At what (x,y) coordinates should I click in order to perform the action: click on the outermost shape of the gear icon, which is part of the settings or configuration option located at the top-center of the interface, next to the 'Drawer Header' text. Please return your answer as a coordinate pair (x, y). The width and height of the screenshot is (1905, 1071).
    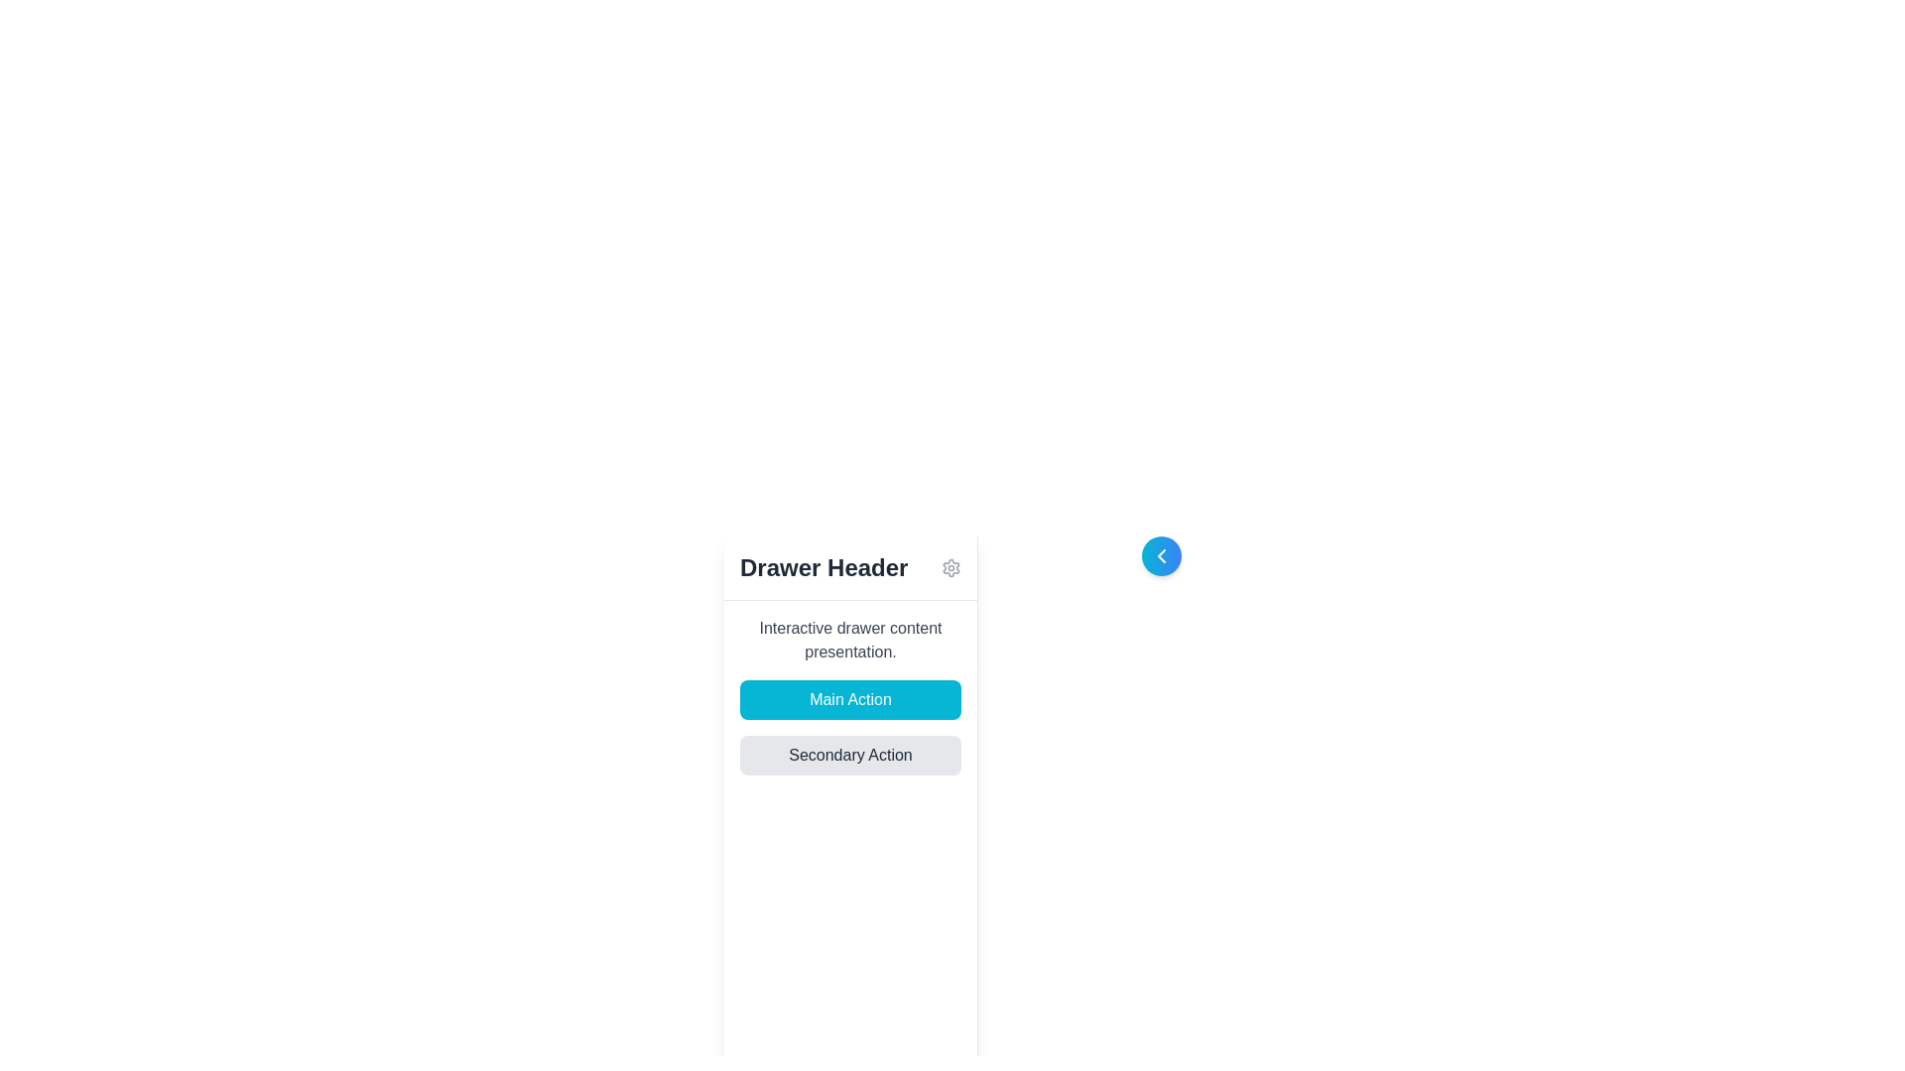
    Looking at the image, I should click on (951, 568).